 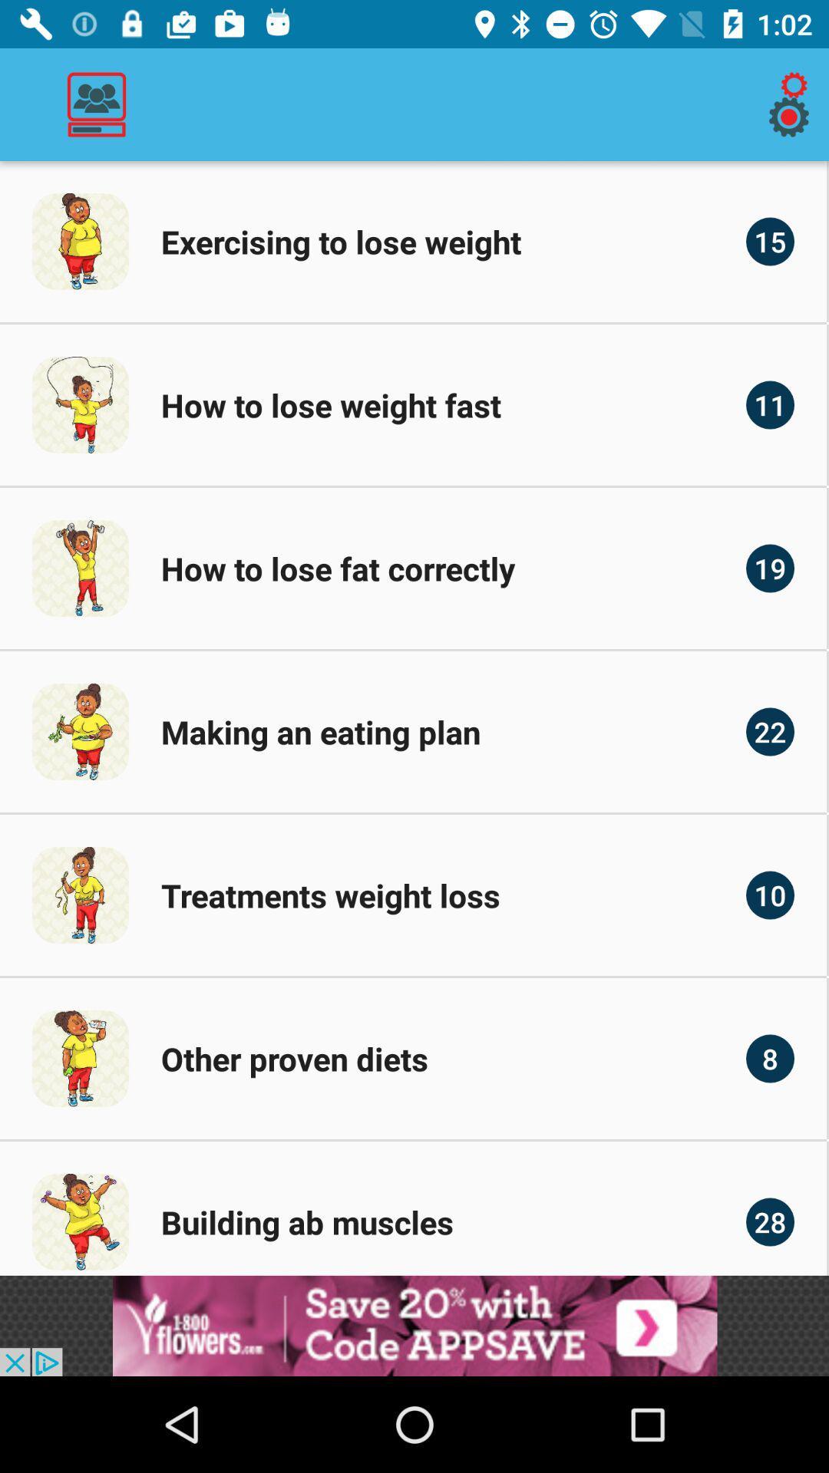 I want to click on advertisement display, so click(x=414, y=1325).